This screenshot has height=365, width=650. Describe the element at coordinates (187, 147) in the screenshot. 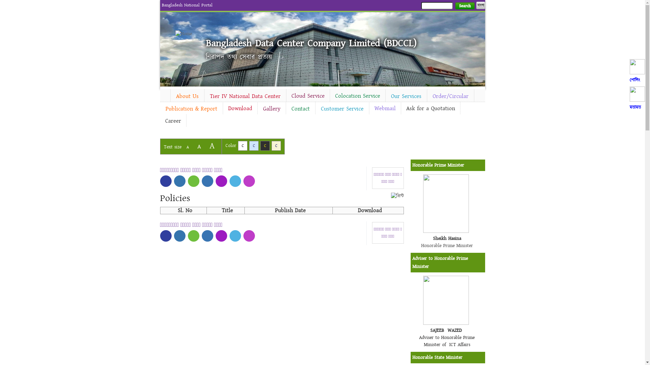

I see `'A'` at that location.